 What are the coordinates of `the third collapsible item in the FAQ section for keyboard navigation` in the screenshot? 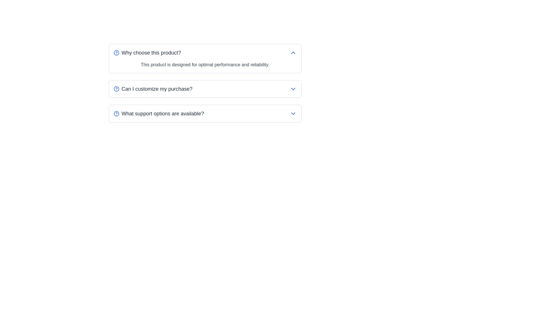 It's located at (205, 114).